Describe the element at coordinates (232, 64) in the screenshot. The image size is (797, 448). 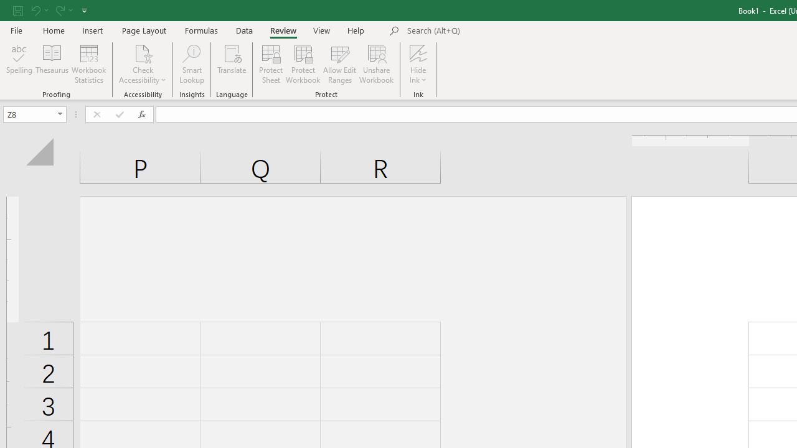
I see `'Translate'` at that location.